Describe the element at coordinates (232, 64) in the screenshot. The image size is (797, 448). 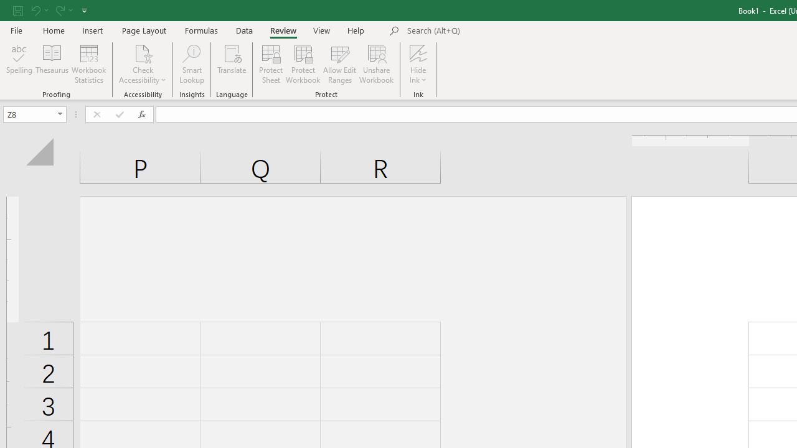
I see `'Translate'` at that location.